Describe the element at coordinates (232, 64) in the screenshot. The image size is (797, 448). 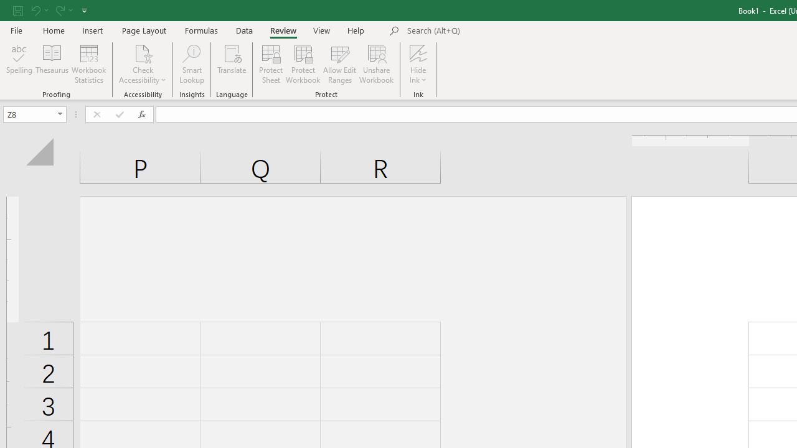
I see `'Translate'` at that location.